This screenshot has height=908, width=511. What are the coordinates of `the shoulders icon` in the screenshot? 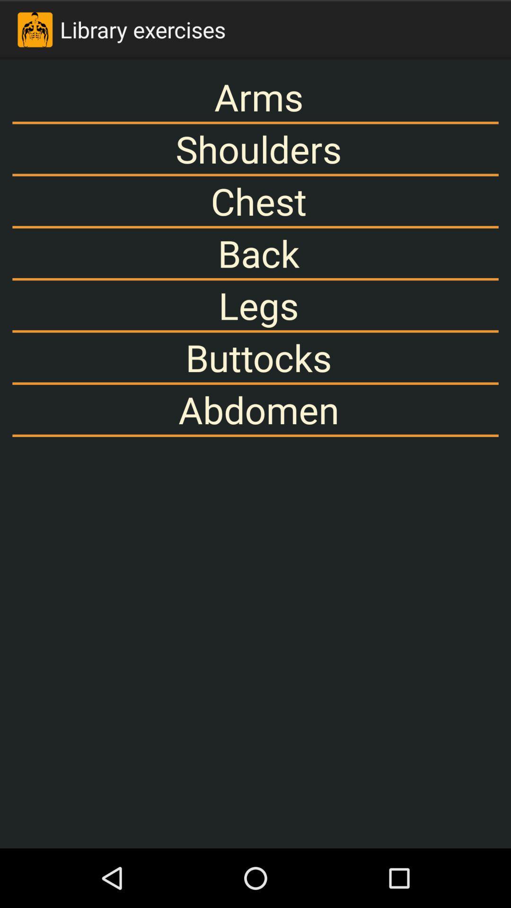 It's located at (255, 148).